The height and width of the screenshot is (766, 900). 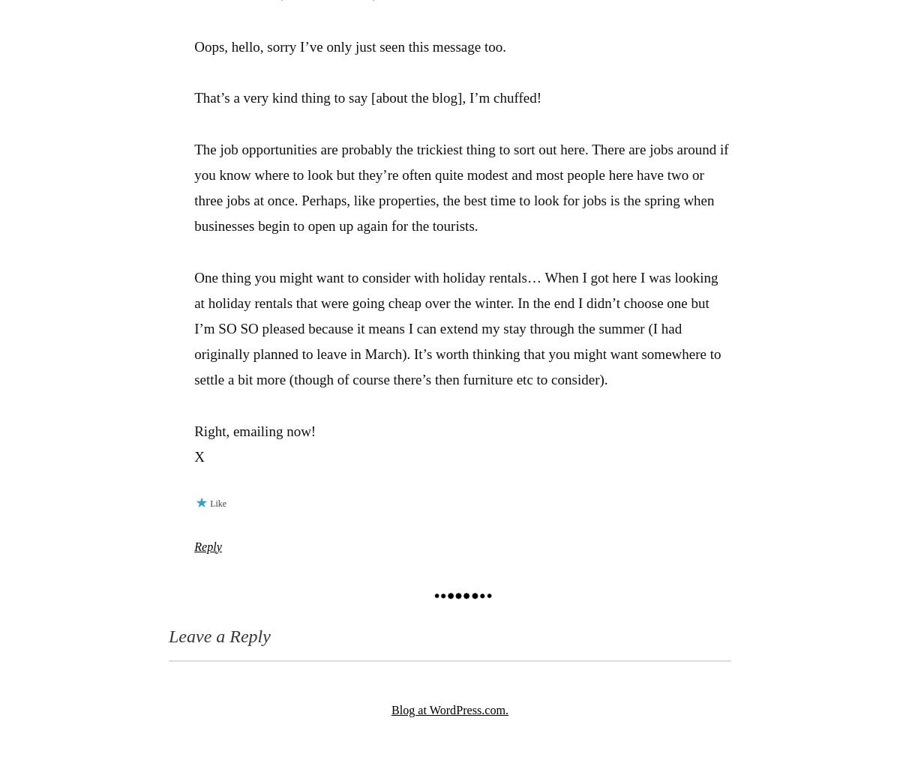 I want to click on 'Oops, hello, sorry I’ve only just seen this message too.', so click(x=193, y=46).